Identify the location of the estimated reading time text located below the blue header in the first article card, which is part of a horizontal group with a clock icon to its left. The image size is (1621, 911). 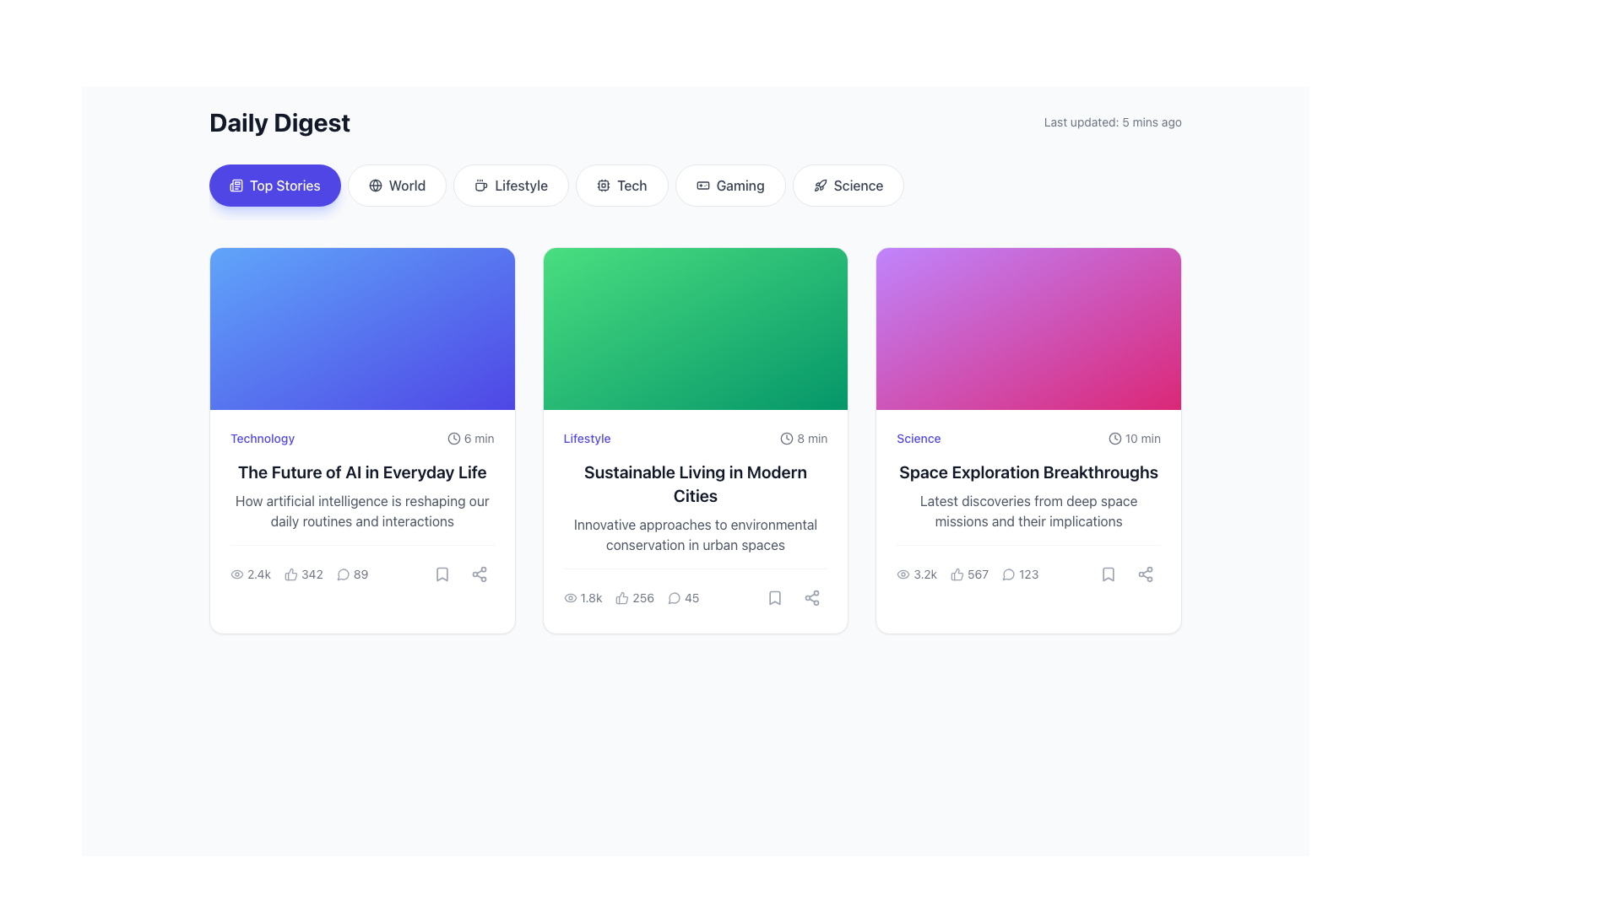
(478, 438).